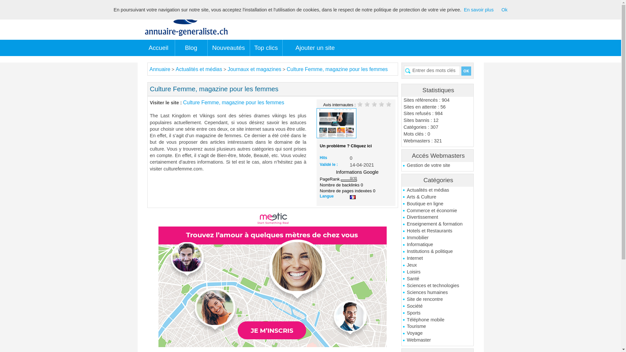 The image size is (626, 352). I want to click on 'Sciences humaines', so click(438, 292).